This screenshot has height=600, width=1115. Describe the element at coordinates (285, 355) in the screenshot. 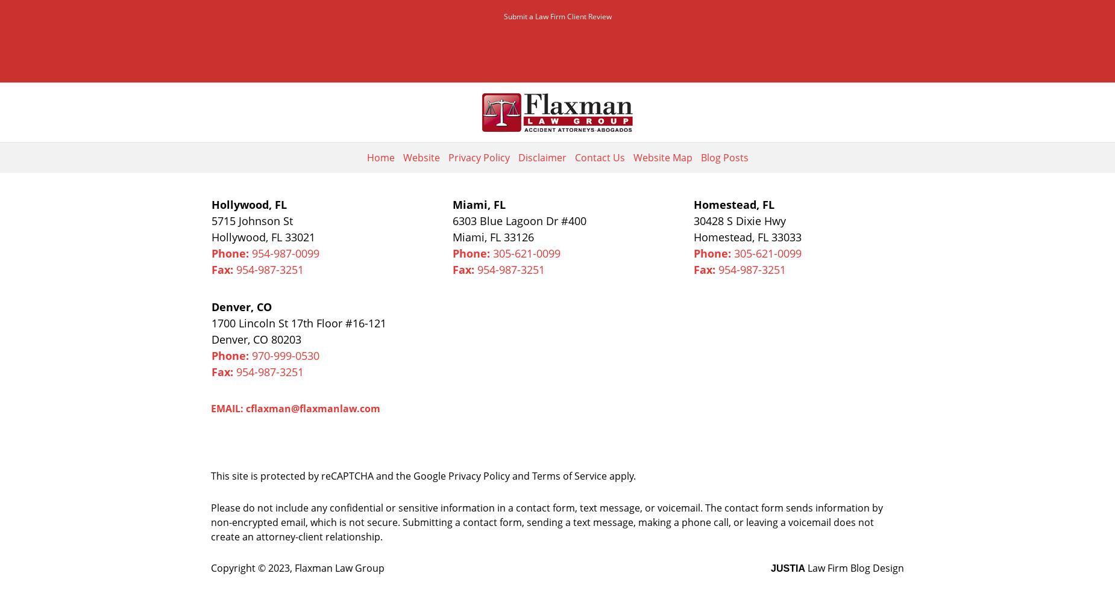

I see `'970-999-0530'` at that location.